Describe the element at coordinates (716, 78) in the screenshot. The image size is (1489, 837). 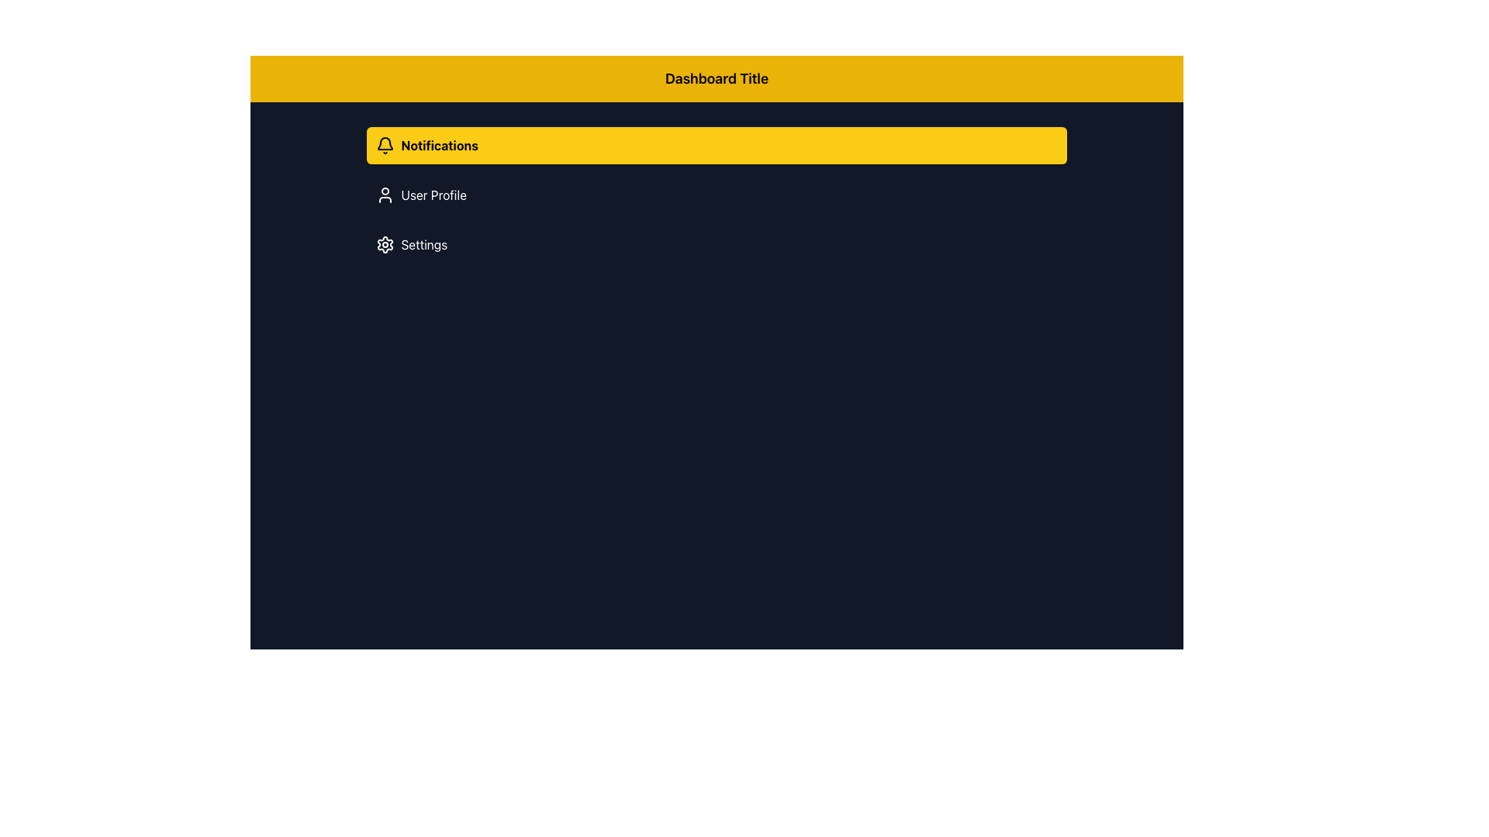
I see `the header titled 'Dashboard Title' which is a bright yellow rectangular bar at the top of the interface` at that location.